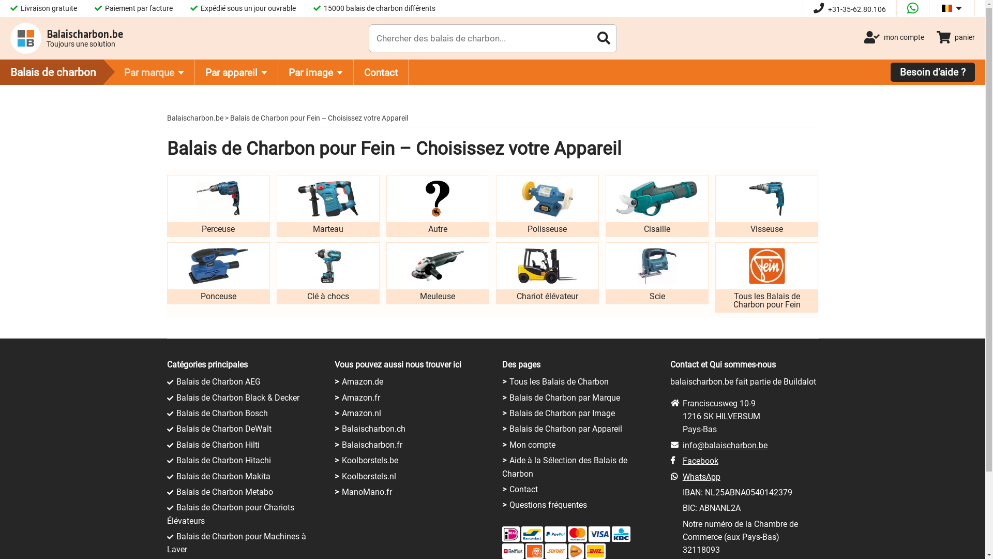  I want to click on 'cissaile', so click(656, 199).